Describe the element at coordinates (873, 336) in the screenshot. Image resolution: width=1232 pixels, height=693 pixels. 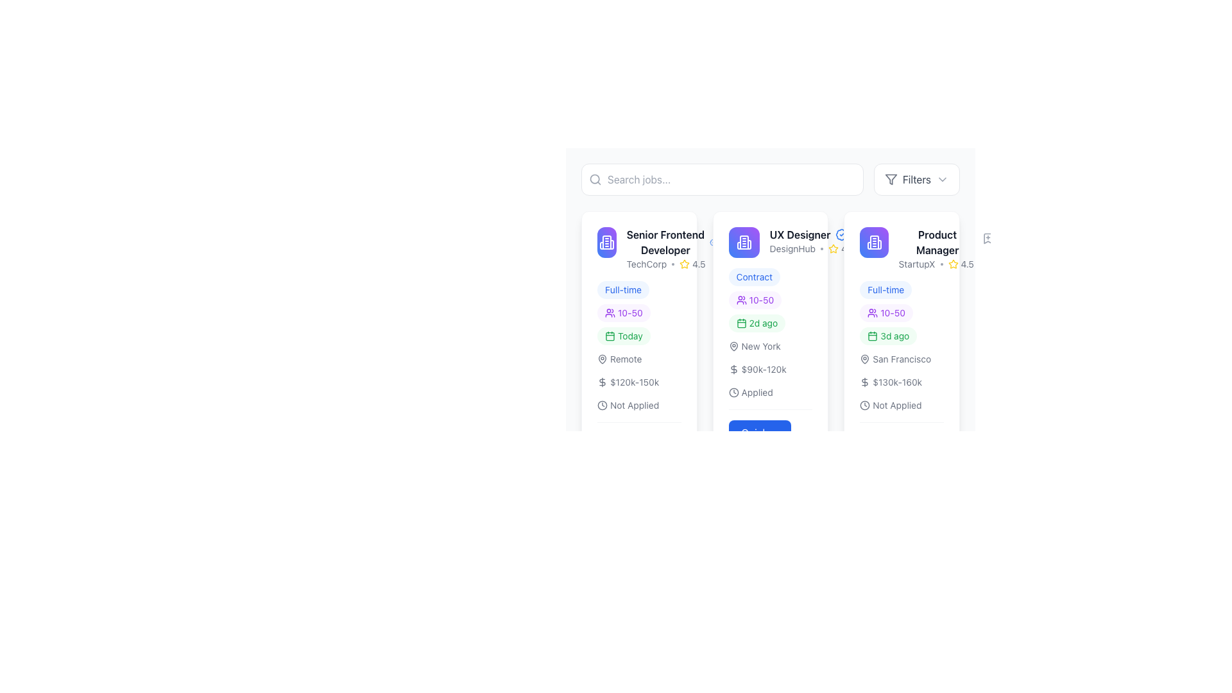
I see `the green calendar icon located in the third job posting card below the 'Product Manager' job title` at that location.